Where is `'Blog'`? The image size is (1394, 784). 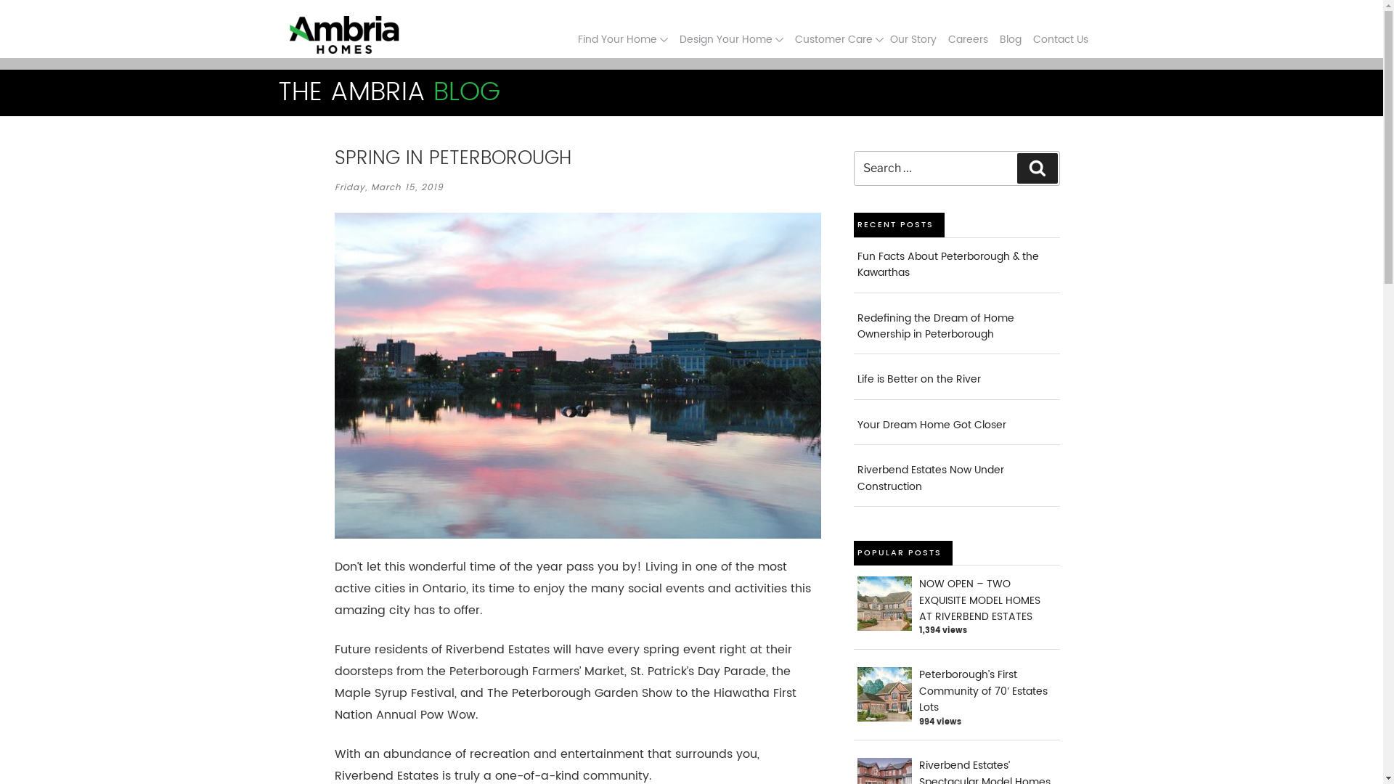
'Blog' is located at coordinates (1009, 38).